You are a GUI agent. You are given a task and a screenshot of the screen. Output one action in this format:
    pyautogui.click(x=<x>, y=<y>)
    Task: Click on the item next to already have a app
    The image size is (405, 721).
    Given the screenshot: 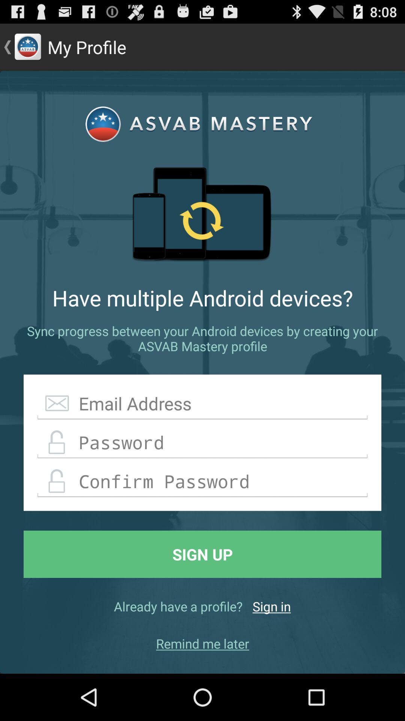 What is the action you would take?
    pyautogui.click(x=271, y=606)
    